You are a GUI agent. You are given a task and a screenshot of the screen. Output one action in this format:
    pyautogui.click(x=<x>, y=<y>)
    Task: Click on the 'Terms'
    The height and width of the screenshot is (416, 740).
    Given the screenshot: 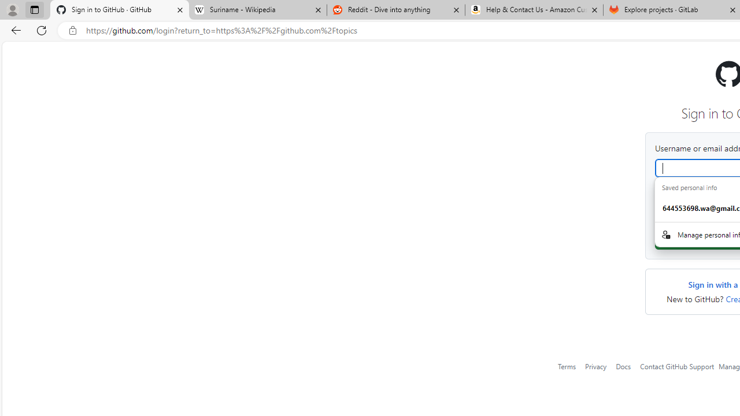 What is the action you would take?
    pyautogui.click(x=567, y=366)
    